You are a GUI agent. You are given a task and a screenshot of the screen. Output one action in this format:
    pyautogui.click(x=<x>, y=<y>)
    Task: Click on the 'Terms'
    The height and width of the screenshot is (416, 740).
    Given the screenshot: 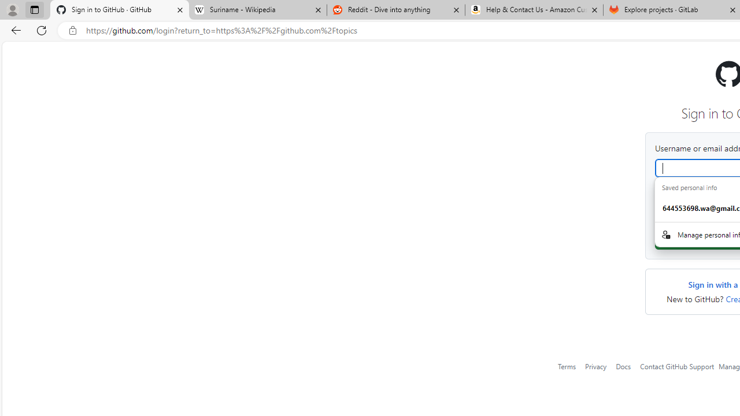 What is the action you would take?
    pyautogui.click(x=567, y=366)
    